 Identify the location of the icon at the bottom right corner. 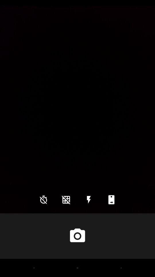
(111, 200).